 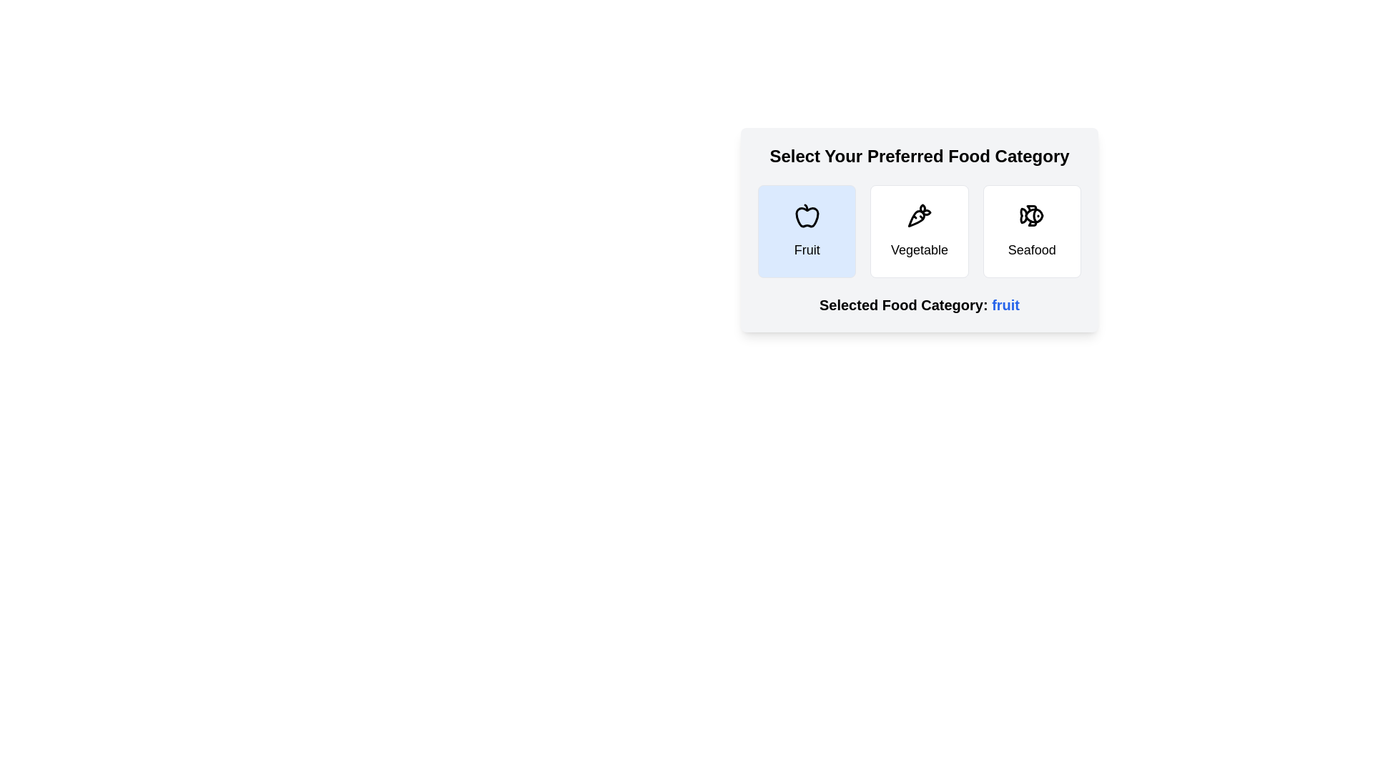 I want to click on the blue-highlighted text 'fruit' in the Text Display that indicates the selected food category, so click(x=920, y=305).